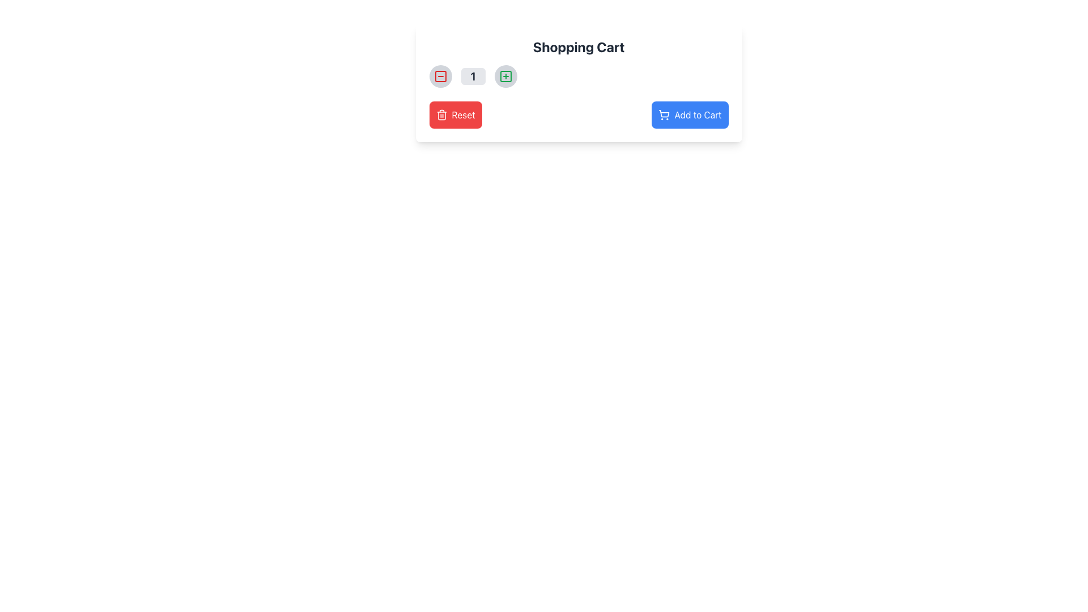  What do you see at coordinates (690, 115) in the screenshot?
I see `the 'Add to Cart' button with a blue background and white text to trigger focus styling` at bounding box center [690, 115].